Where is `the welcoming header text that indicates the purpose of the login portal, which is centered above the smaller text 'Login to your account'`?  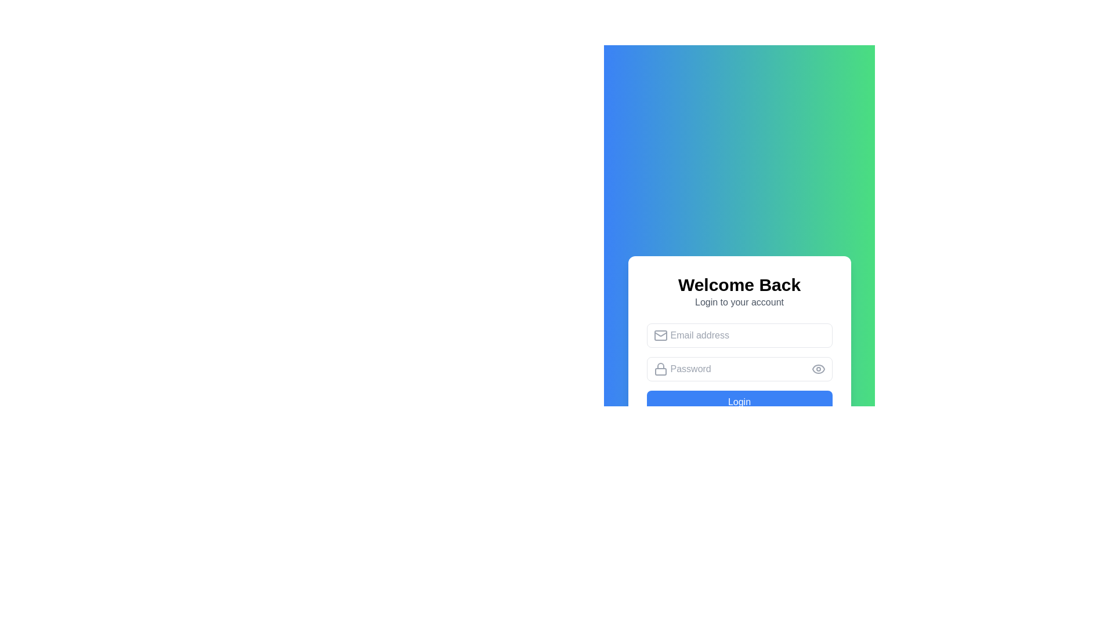 the welcoming header text that indicates the purpose of the login portal, which is centered above the smaller text 'Login to your account' is located at coordinates (739, 285).